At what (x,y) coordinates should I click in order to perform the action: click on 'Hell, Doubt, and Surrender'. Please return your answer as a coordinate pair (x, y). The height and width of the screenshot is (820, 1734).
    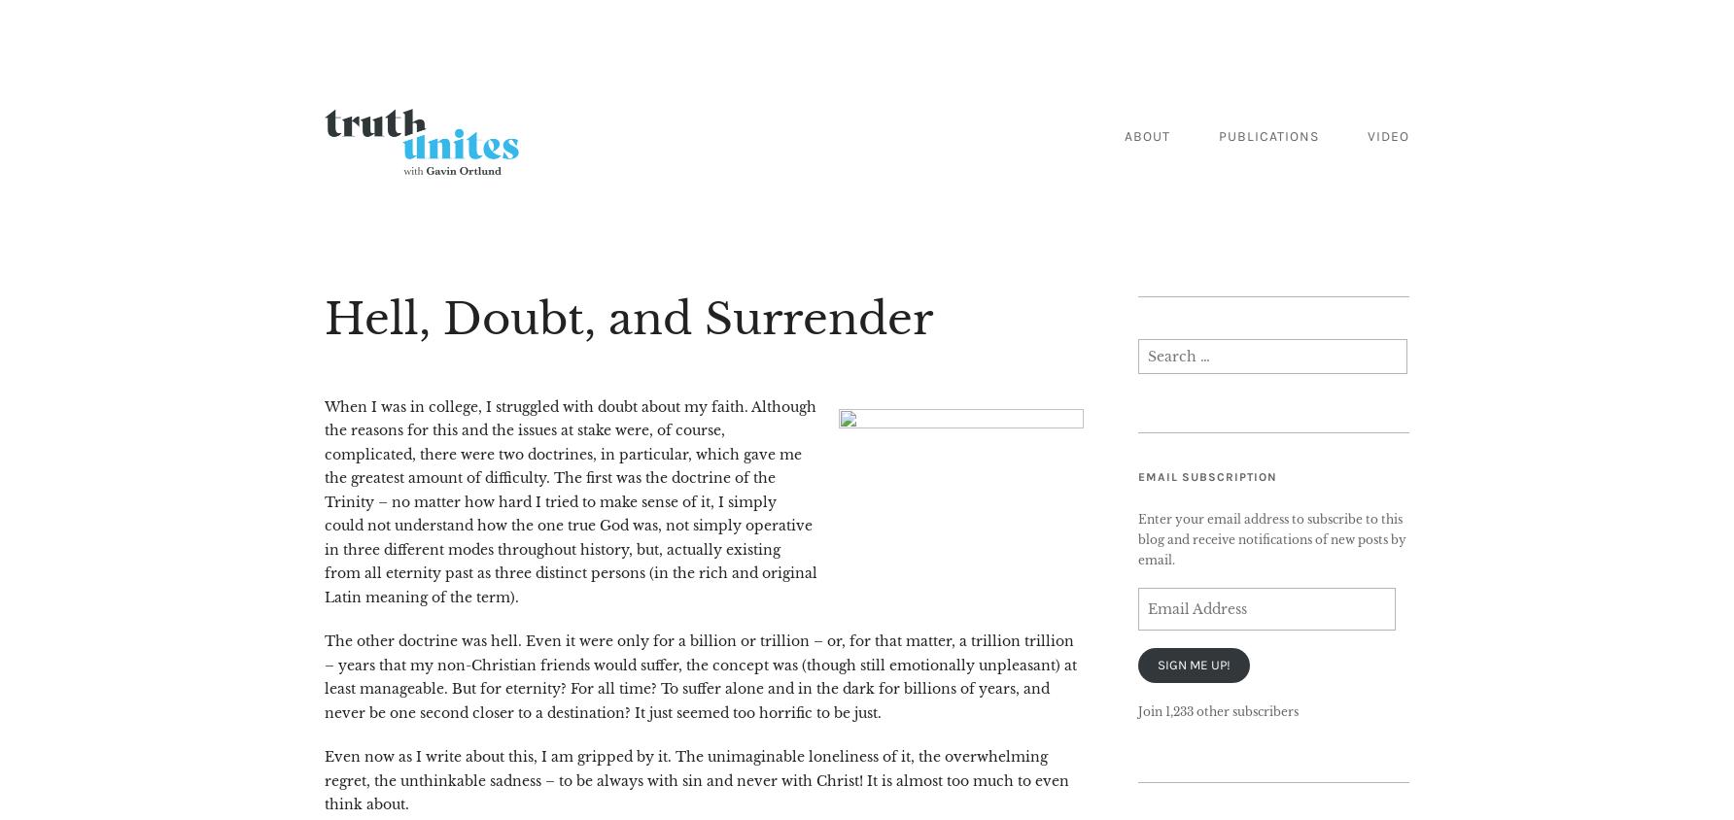
    Looking at the image, I should click on (626, 318).